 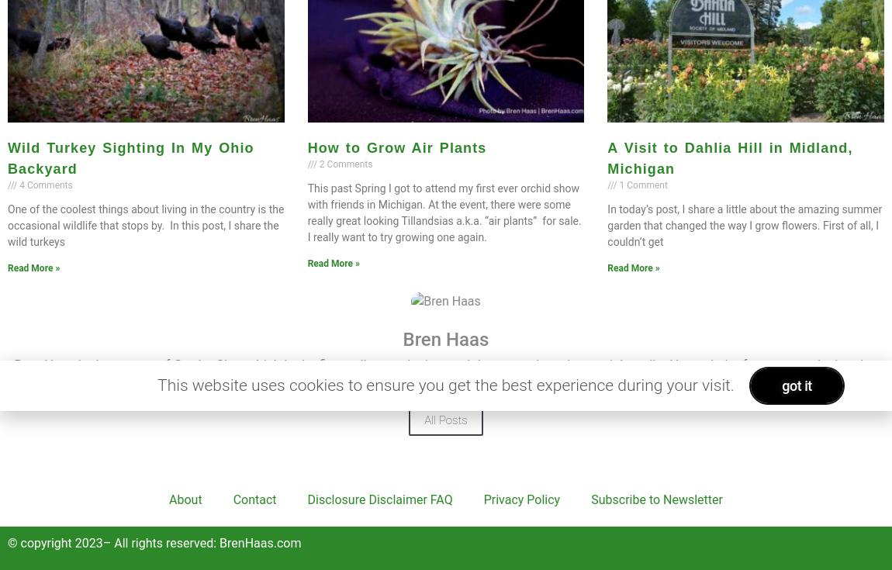 I want to click on 'BrenHaas.com', so click(x=260, y=542).